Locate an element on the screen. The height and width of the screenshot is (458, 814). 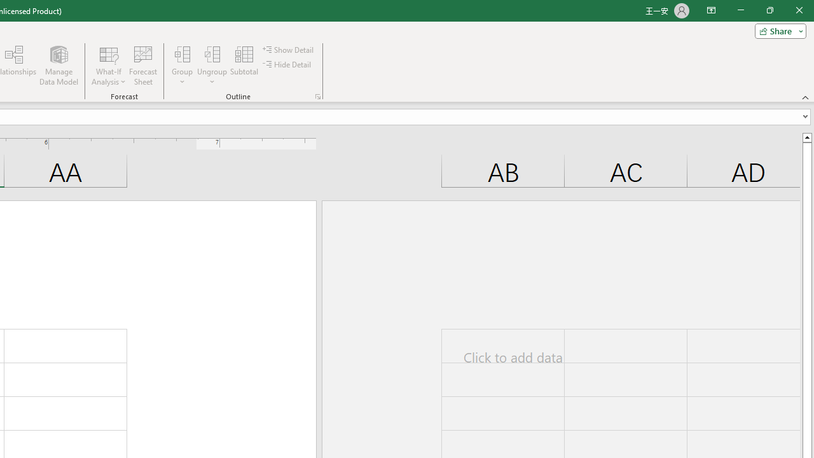
'More Options' is located at coordinates (212, 77).